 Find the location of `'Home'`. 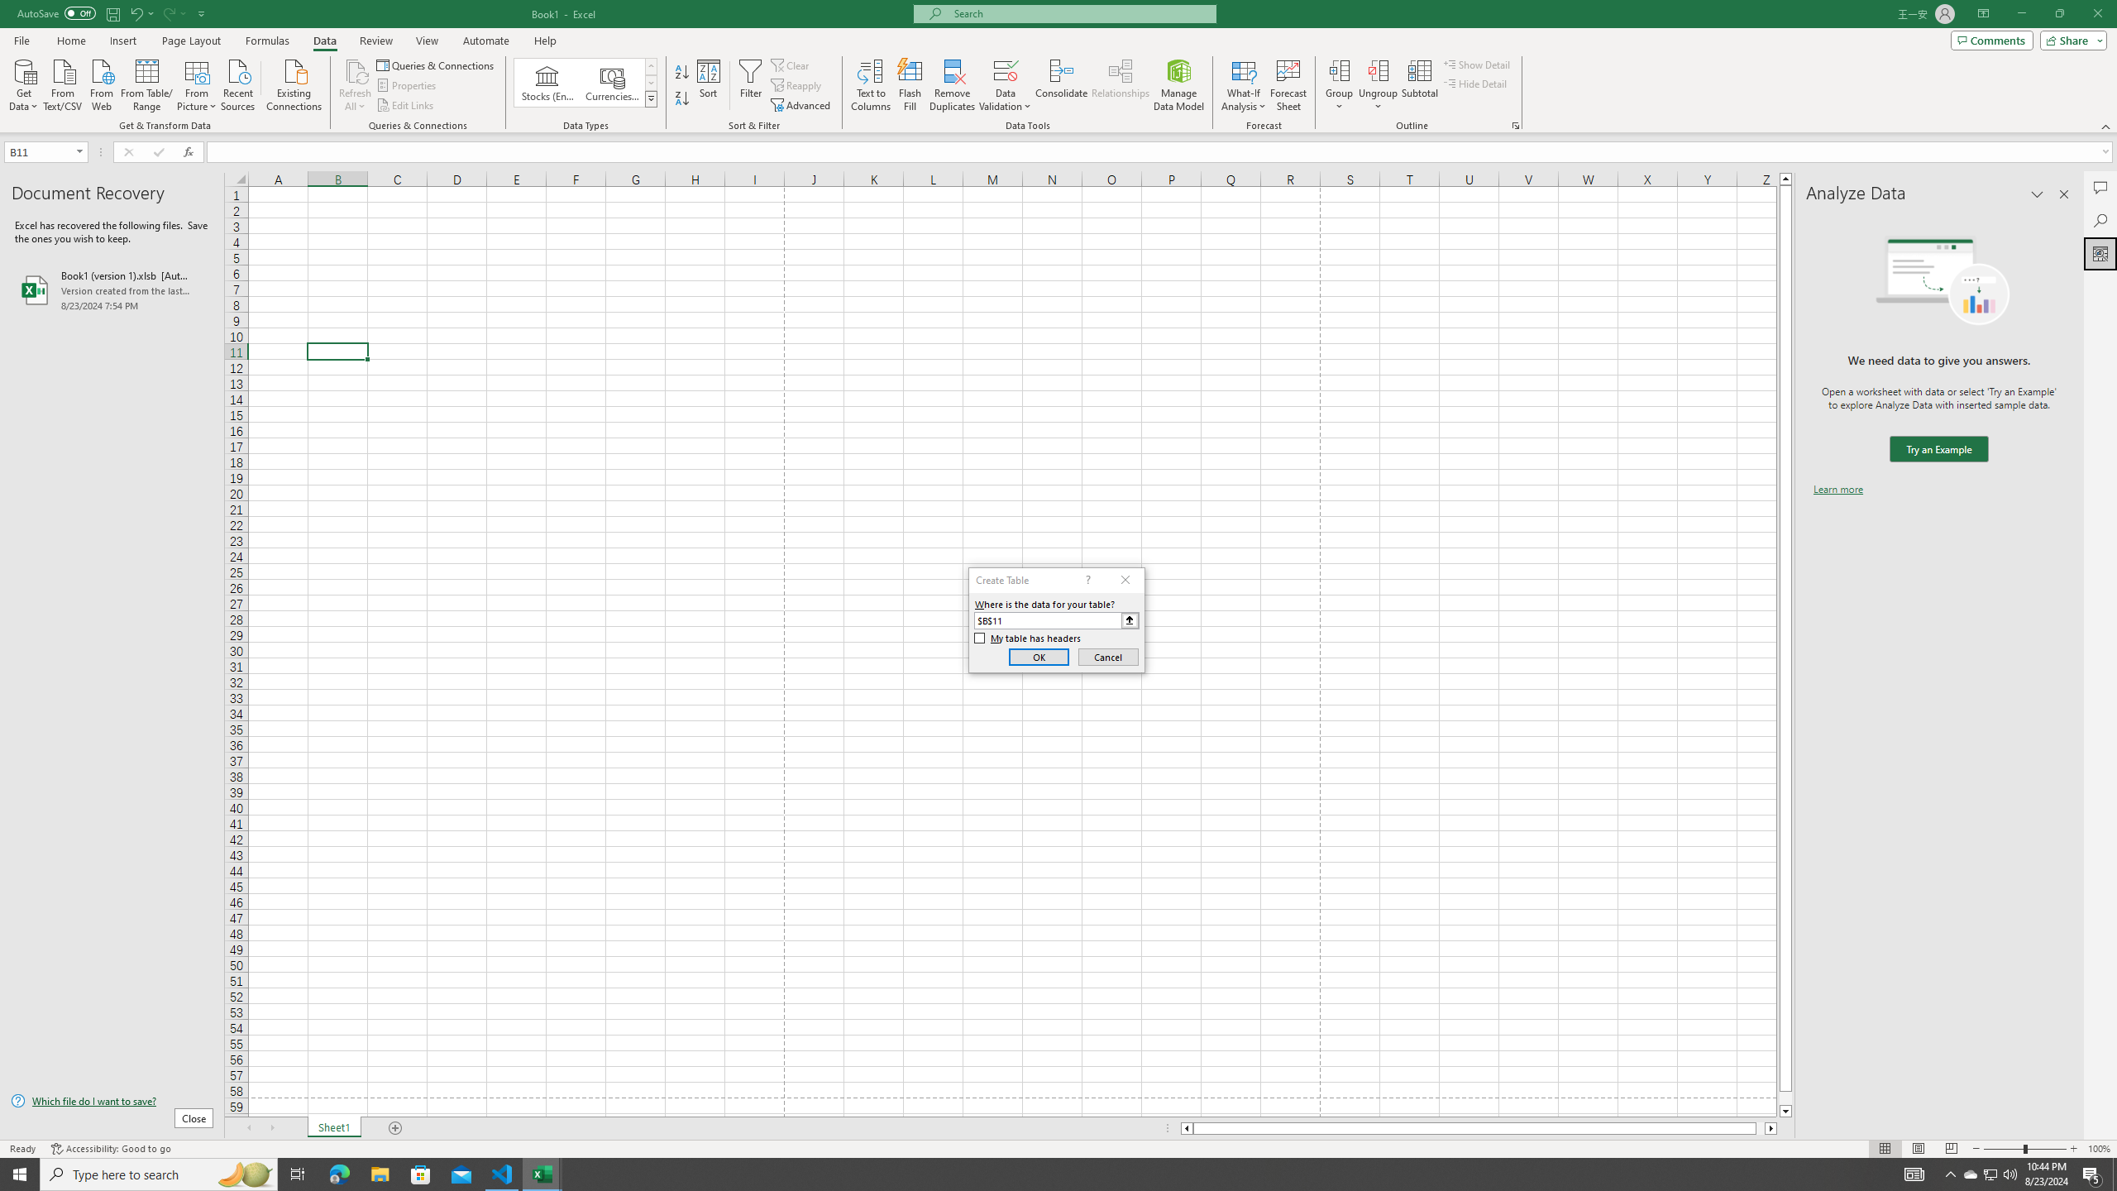

'Home' is located at coordinates (70, 41).